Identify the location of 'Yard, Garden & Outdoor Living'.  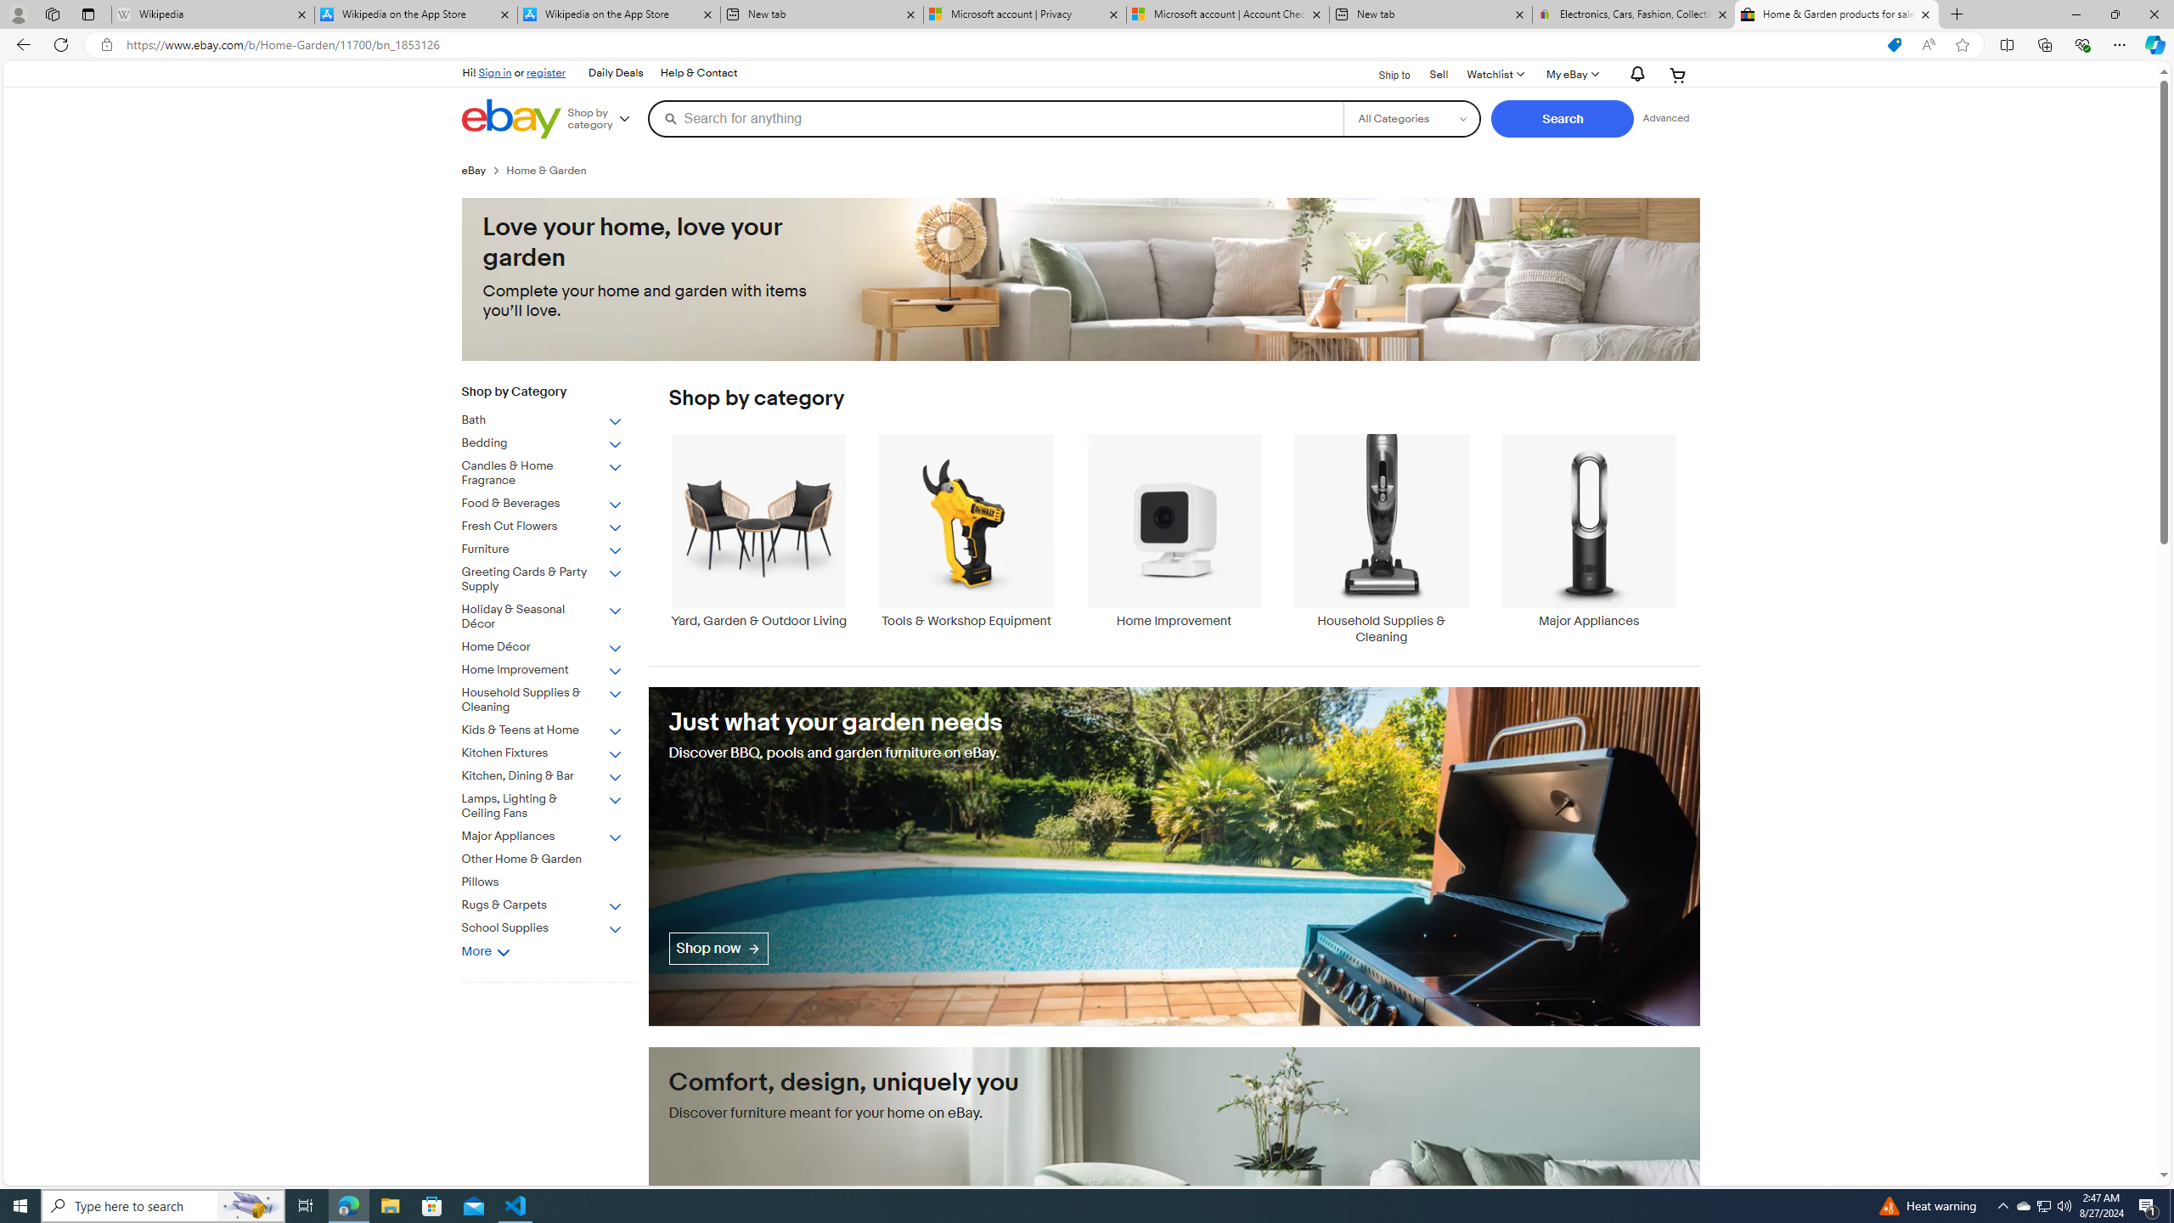
(758, 530).